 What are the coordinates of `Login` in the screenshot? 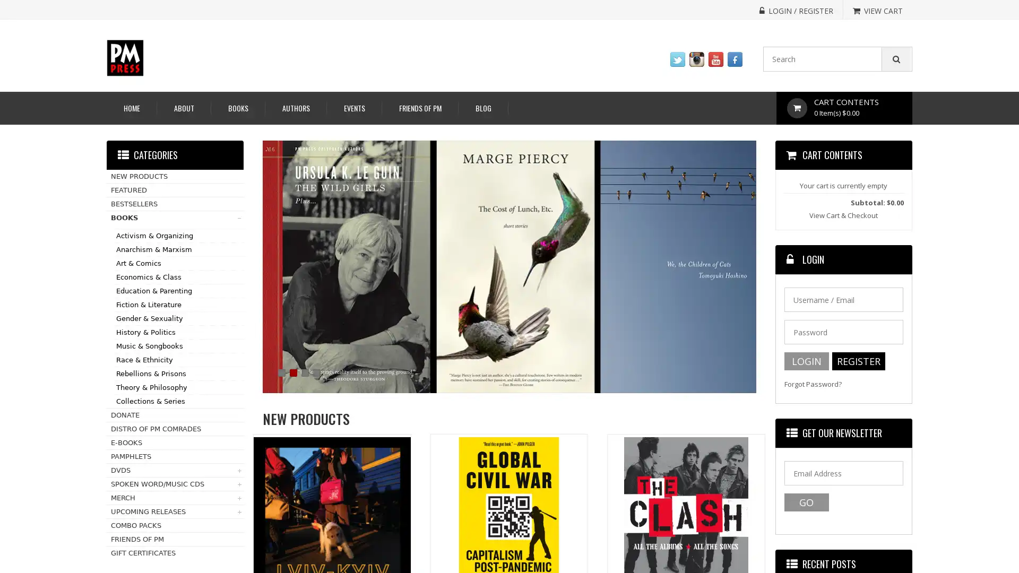 It's located at (806, 361).